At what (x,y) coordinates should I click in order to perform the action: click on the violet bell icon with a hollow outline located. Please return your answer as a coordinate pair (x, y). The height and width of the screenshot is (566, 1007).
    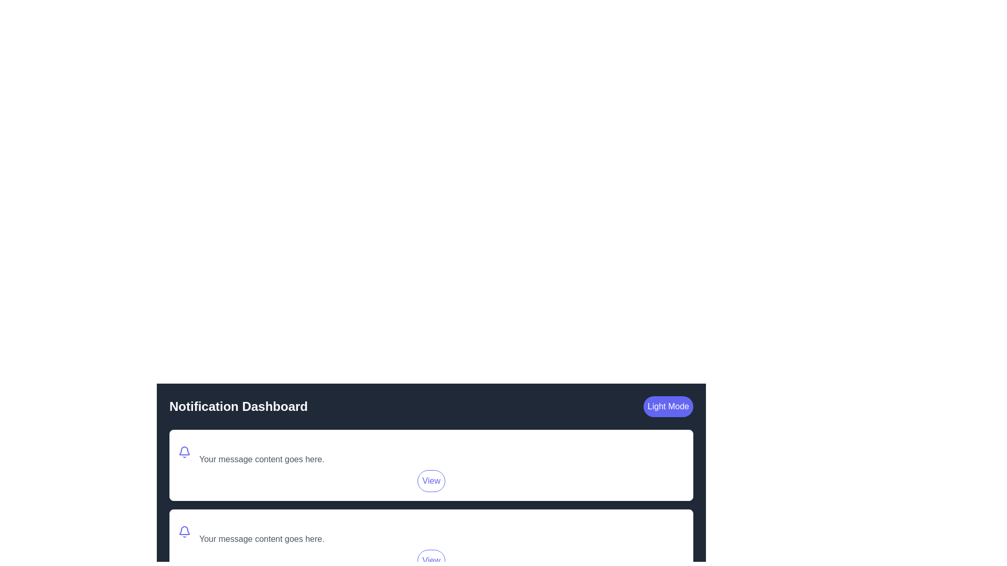
    Looking at the image, I should click on (184, 450).